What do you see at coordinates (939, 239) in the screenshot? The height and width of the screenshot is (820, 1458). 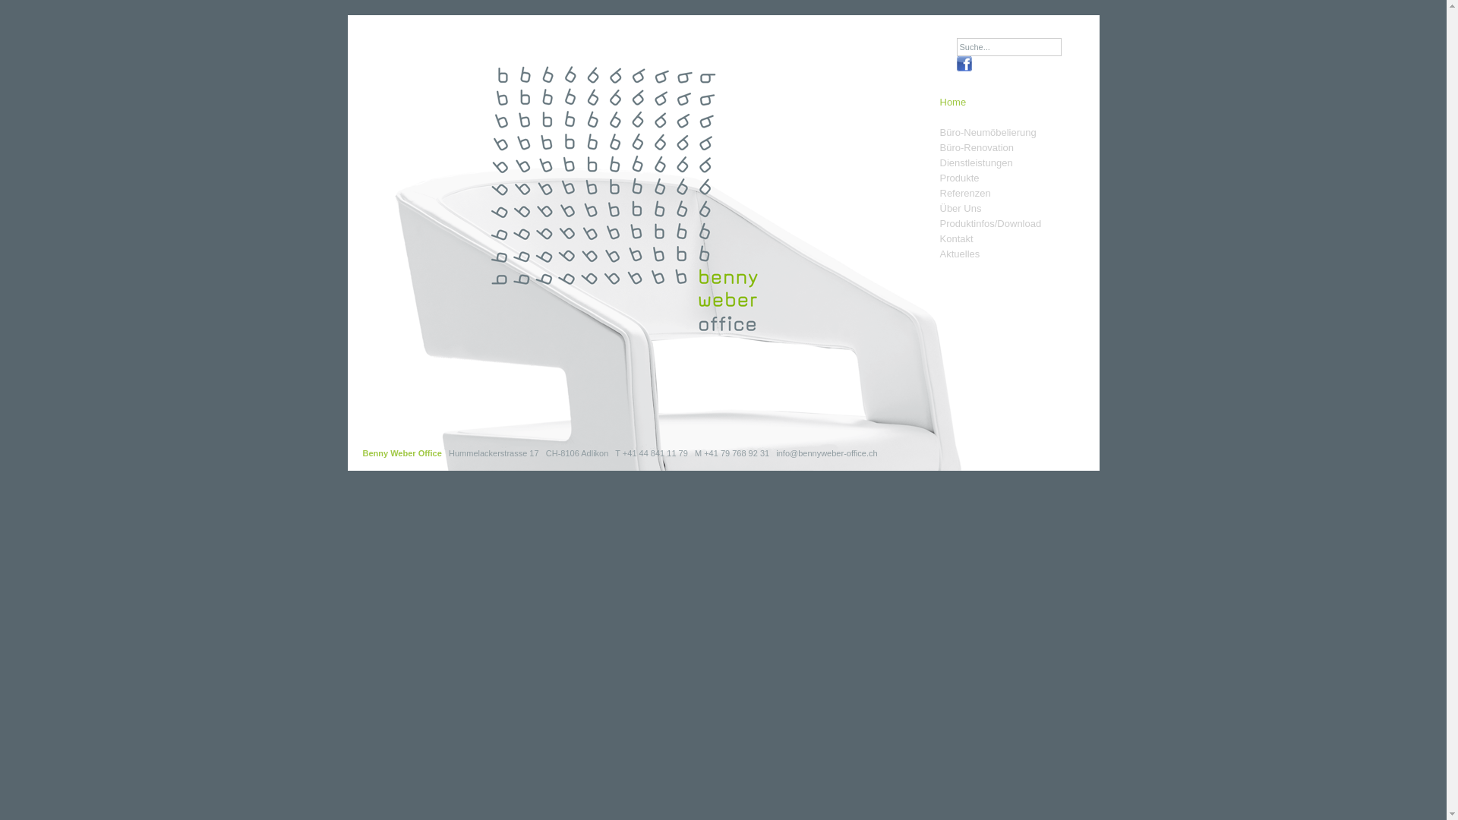 I see `'Kontakt'` at bounding box center [939, 239].